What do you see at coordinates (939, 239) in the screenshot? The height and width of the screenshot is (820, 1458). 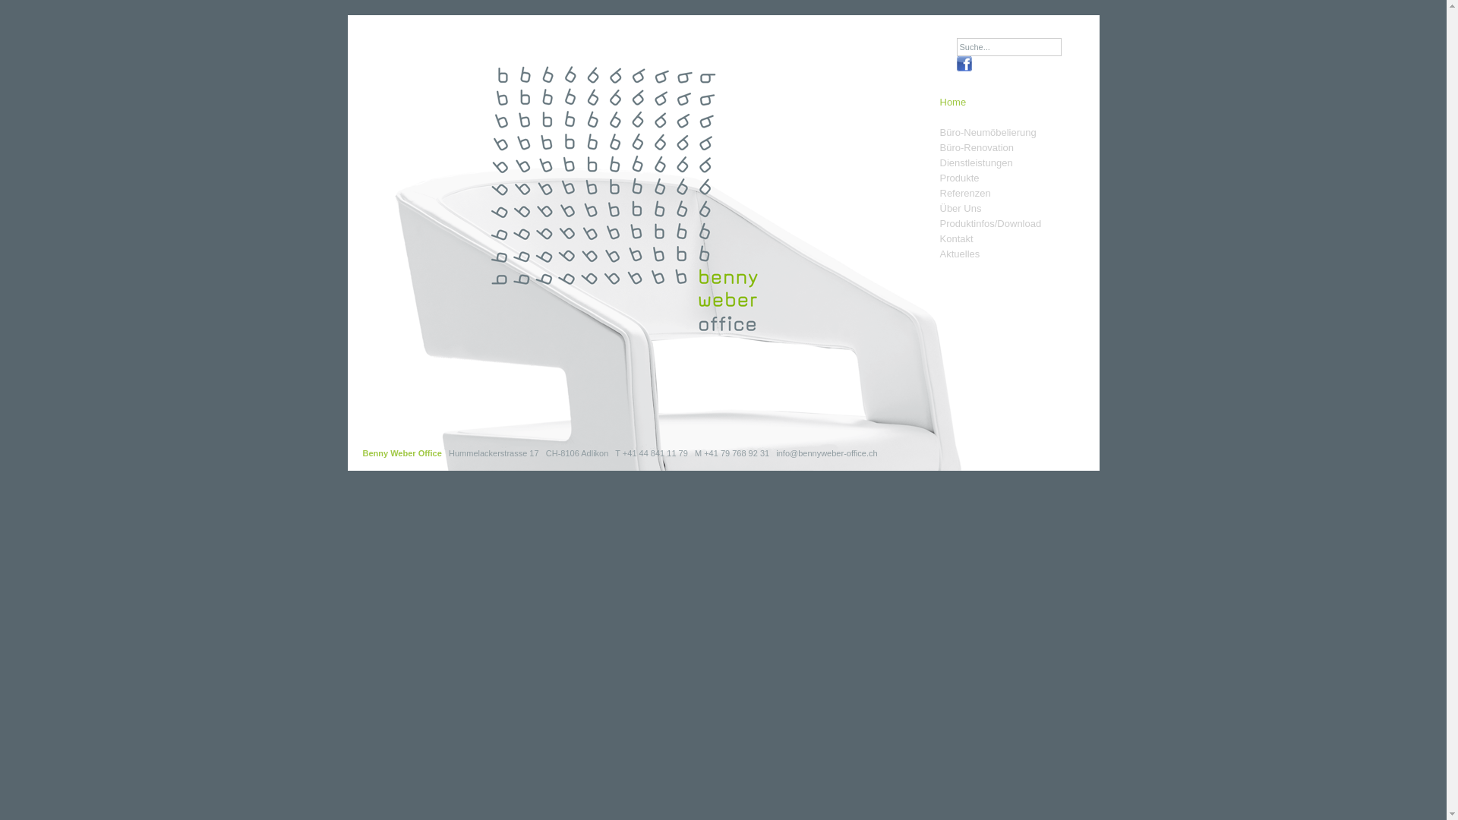 I see `'Kontakt'` at bounding box center [939, 239].